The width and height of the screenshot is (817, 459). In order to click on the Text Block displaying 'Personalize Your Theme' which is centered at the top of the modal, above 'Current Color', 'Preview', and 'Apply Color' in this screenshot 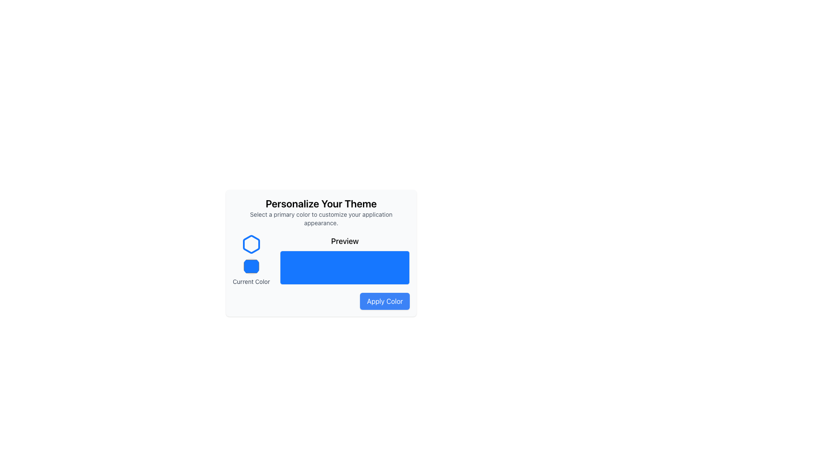, I will do `click(320, 211)`.